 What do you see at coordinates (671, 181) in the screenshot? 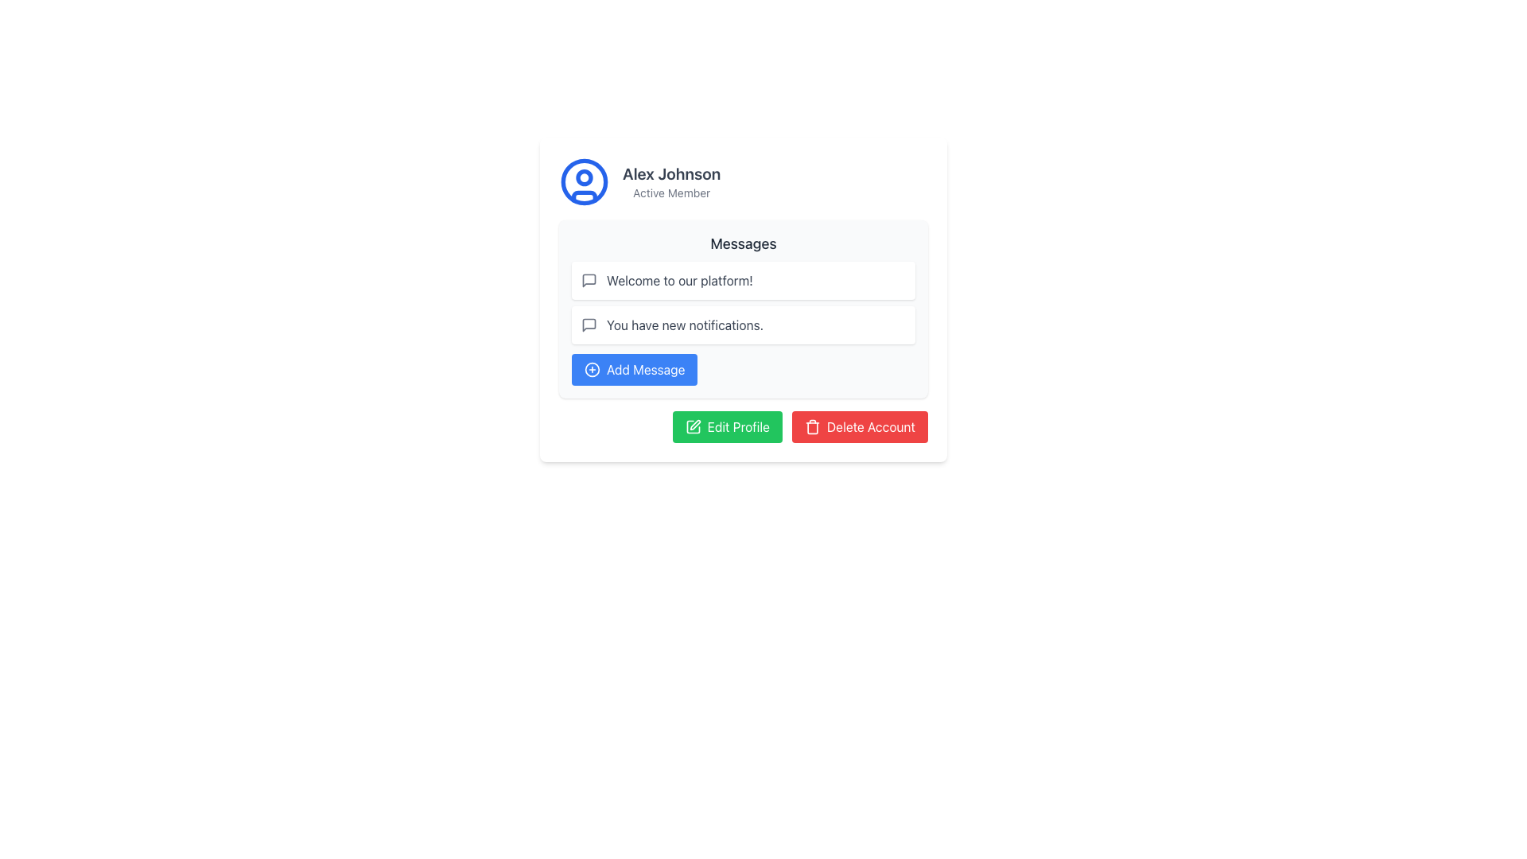
I see `the user name and membership status display element, which serves as an informational header for the user profile, located to the right of the user avatar graphic` at bounding box center [671, 181].